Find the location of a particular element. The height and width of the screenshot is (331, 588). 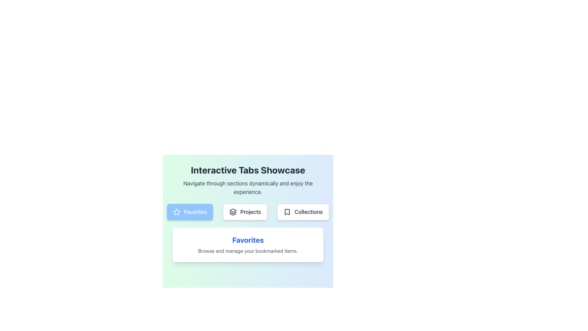

text element labeled 'Favorites', which serves as a section header above the description text for bookmarked items is located at coordinates (248, 240).